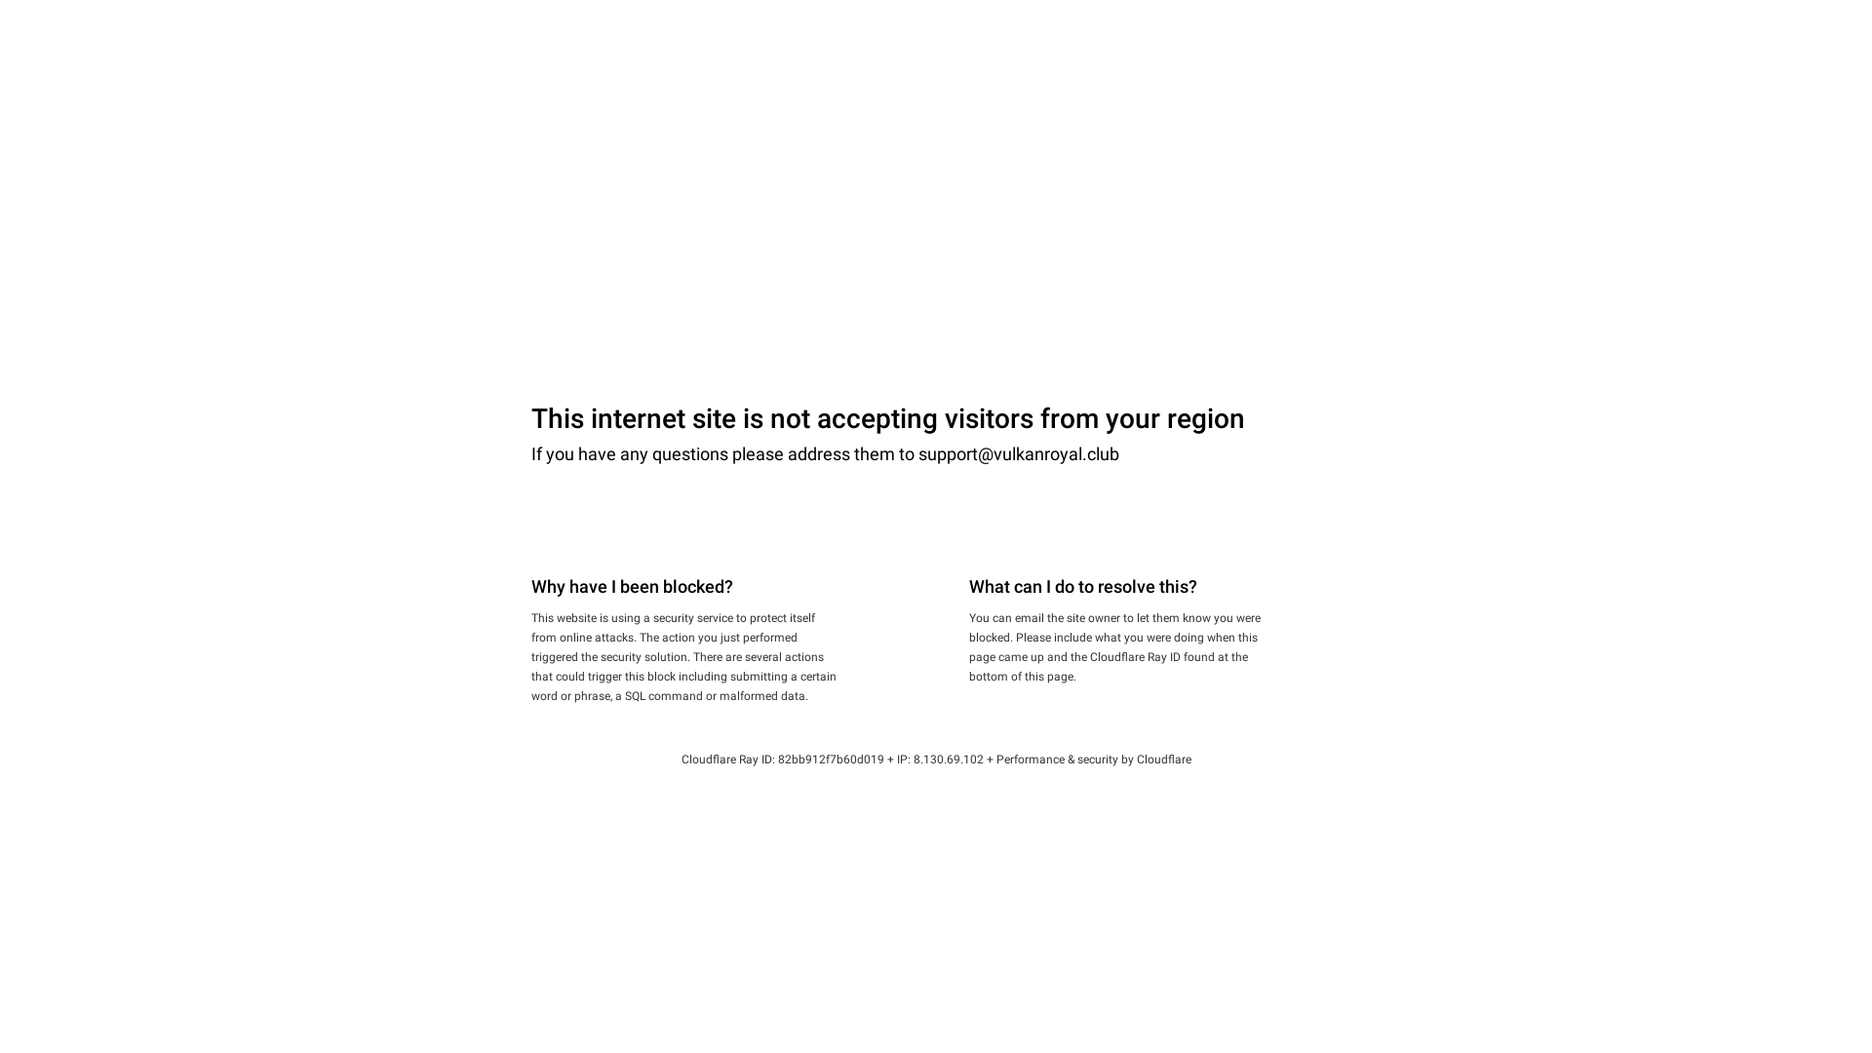 This screenshot has height=1053, width=1872. What do you see at coordinates (1164, 759) in the screenshot?
I see `'Cloudflare'` at bounding box center [1164, 759].